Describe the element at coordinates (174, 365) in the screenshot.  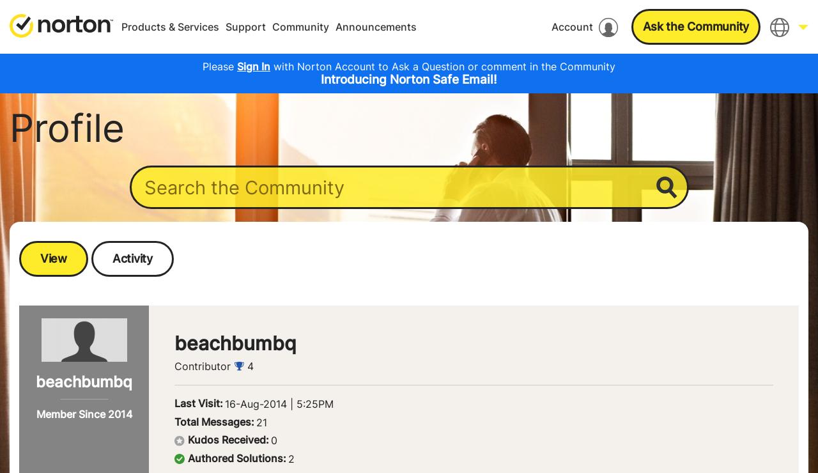
I see `'Contributor'` at that location.